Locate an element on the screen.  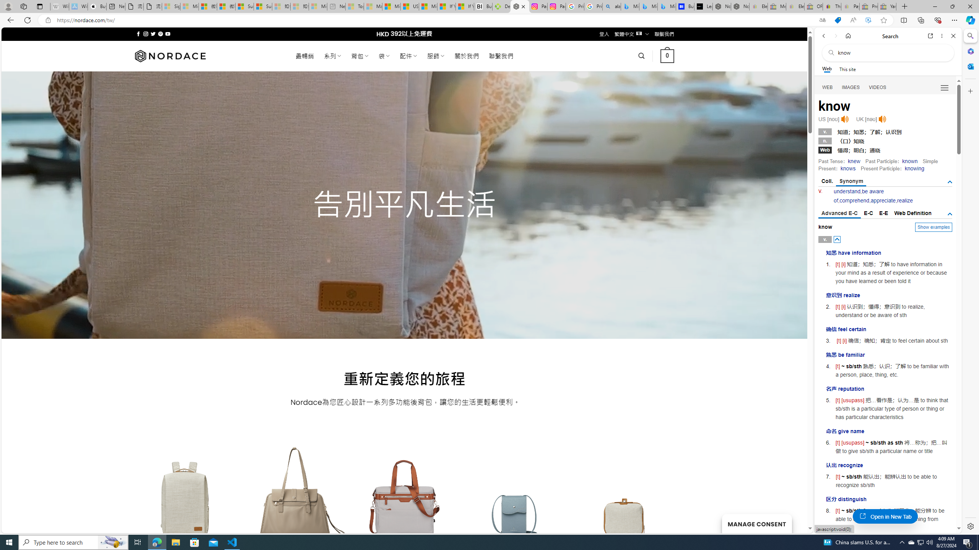
'comprehend' is located at coordinates (854, 200).